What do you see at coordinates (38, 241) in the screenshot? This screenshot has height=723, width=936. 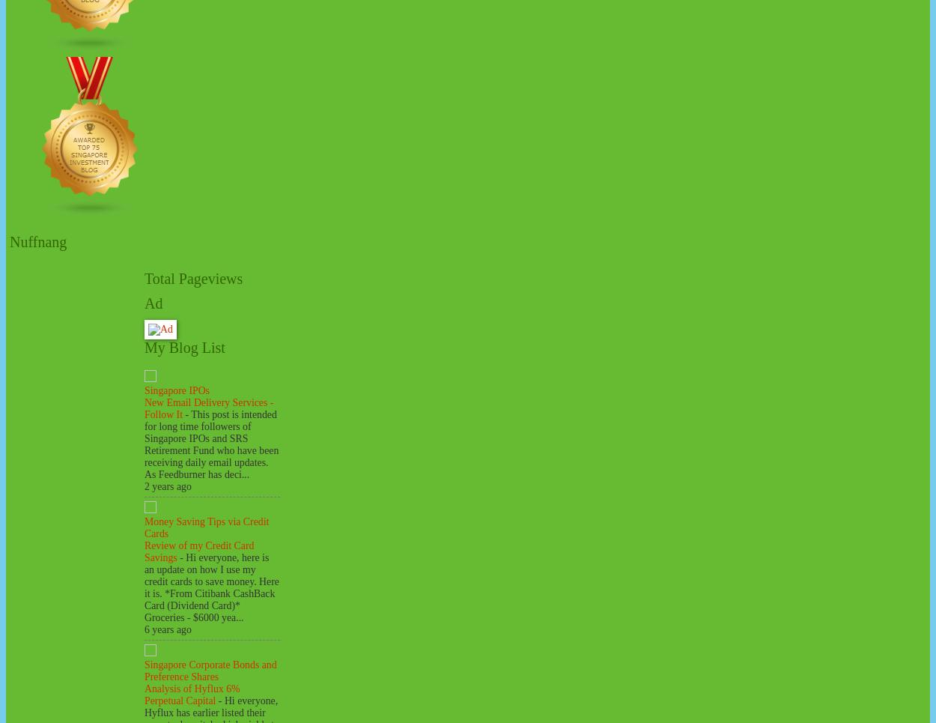 I see `'Nuffnang'` at bounding box center [38, 241].